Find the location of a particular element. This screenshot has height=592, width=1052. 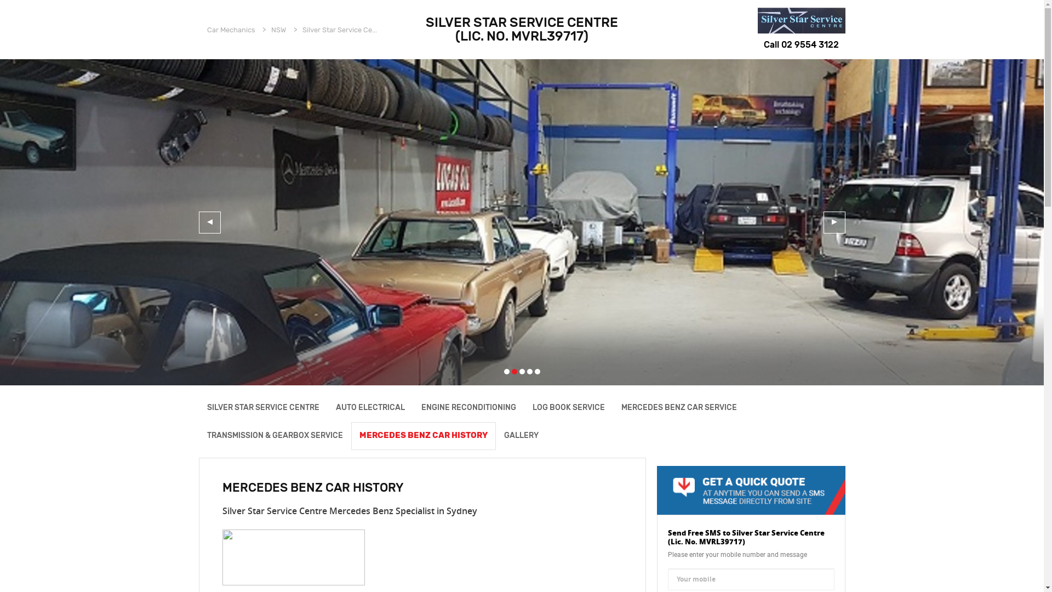

'GALLERY' is located at coordinates (494, 435).